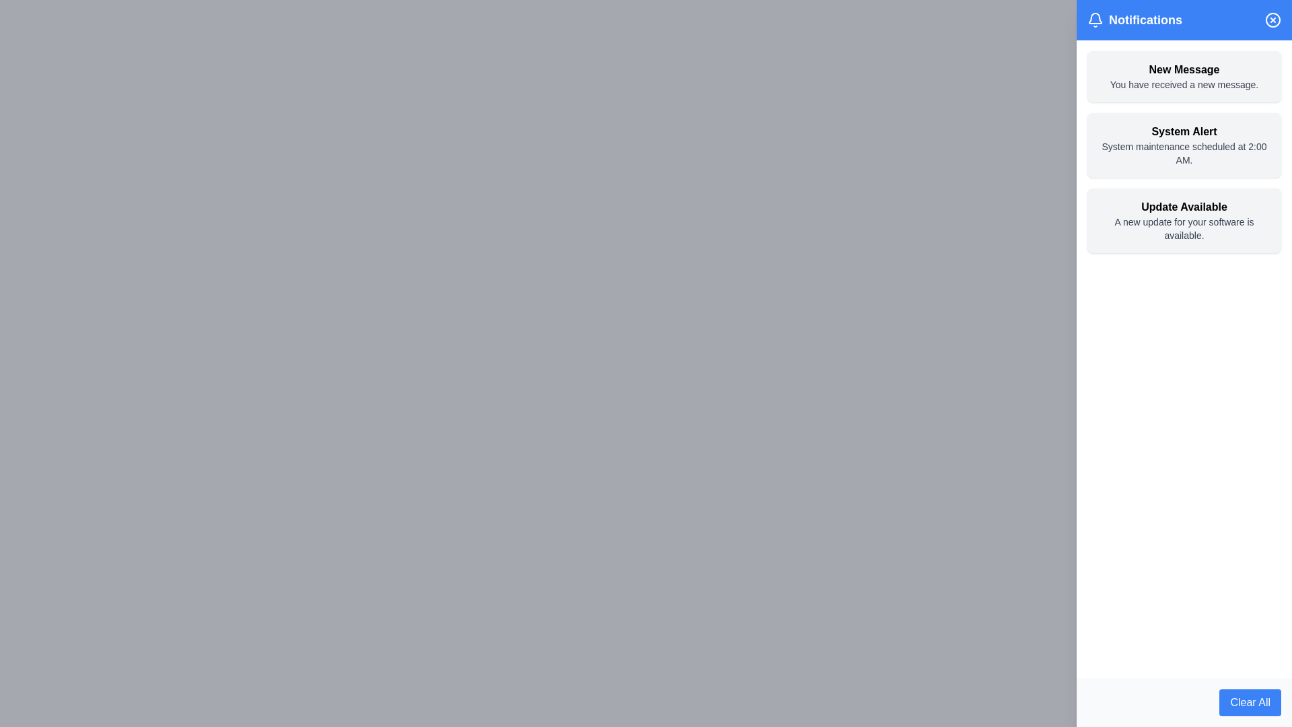 Image resolution: width=1292 pixels, height=727 pixels. Describe the element at coordinates (1184, 132) in the screenshot. I see `the Text label that serves as the title for the notification, which is centrally located within the notification card displaying the 'System Alert' title` at that location.